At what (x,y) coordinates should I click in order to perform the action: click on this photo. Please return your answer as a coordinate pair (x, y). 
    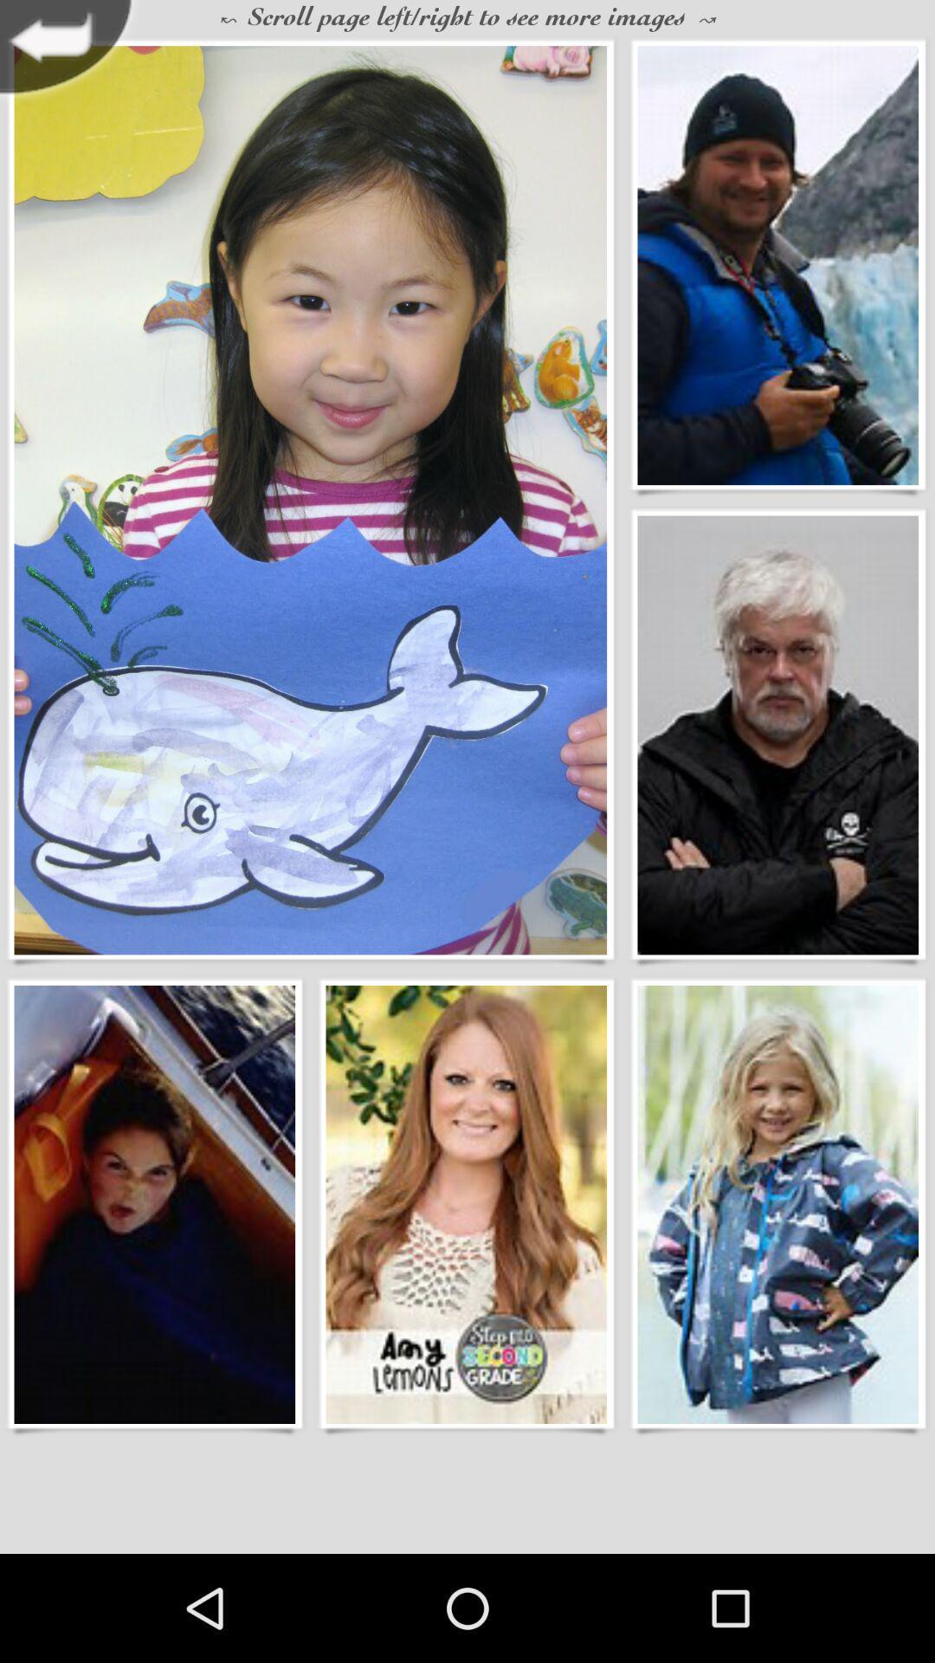
    Looking at the image, I should click on (777, 735).